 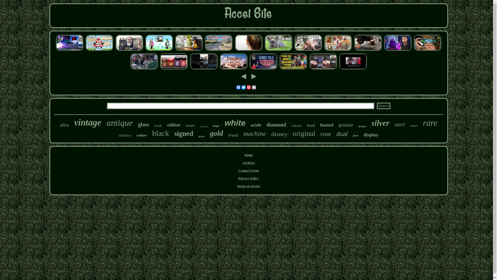 What do you see at coordinates (248, 87) in the screenshot?
I see `'Pinterest'` at bounding box center [248, 87].